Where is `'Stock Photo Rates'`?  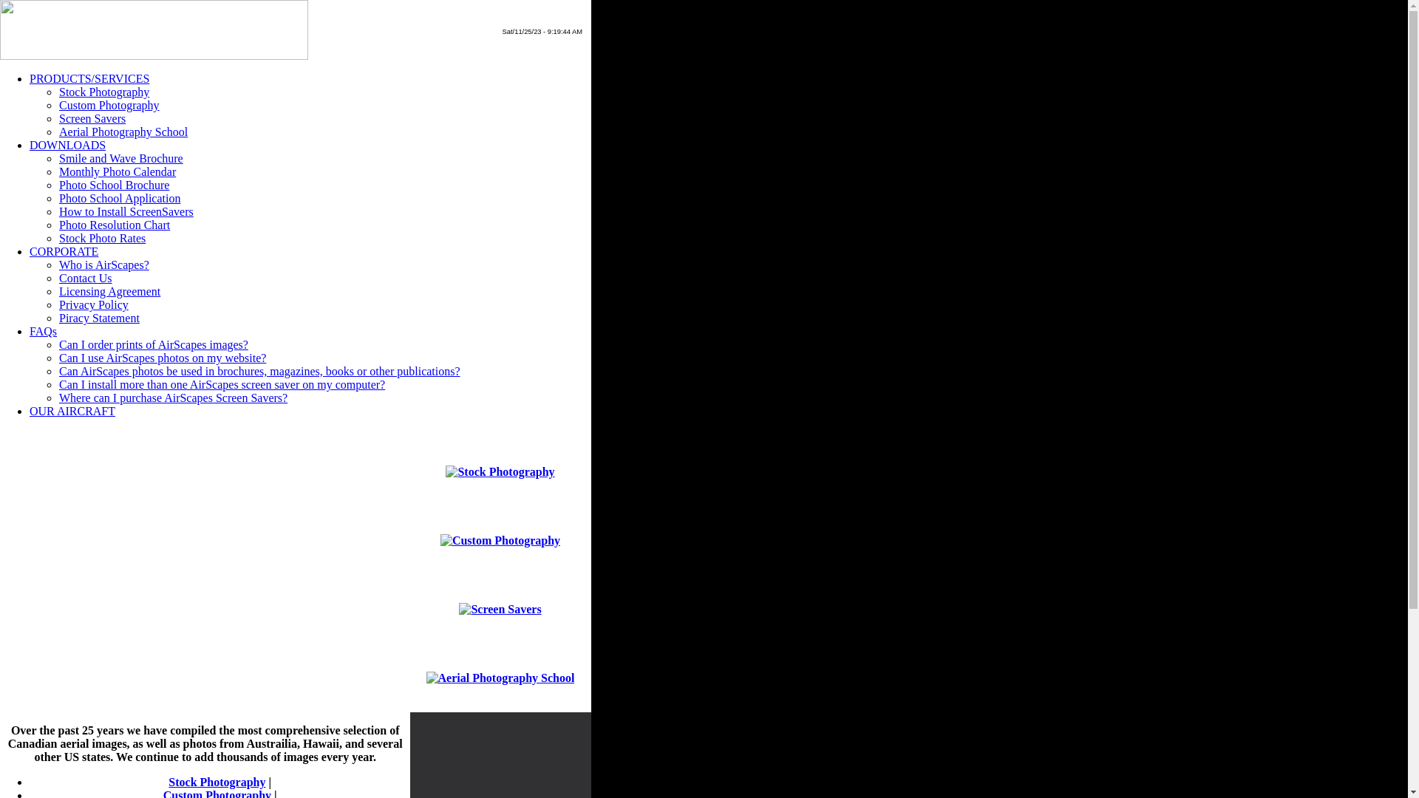 'Stock Photo Rates' is located at coordinates (101, 237).